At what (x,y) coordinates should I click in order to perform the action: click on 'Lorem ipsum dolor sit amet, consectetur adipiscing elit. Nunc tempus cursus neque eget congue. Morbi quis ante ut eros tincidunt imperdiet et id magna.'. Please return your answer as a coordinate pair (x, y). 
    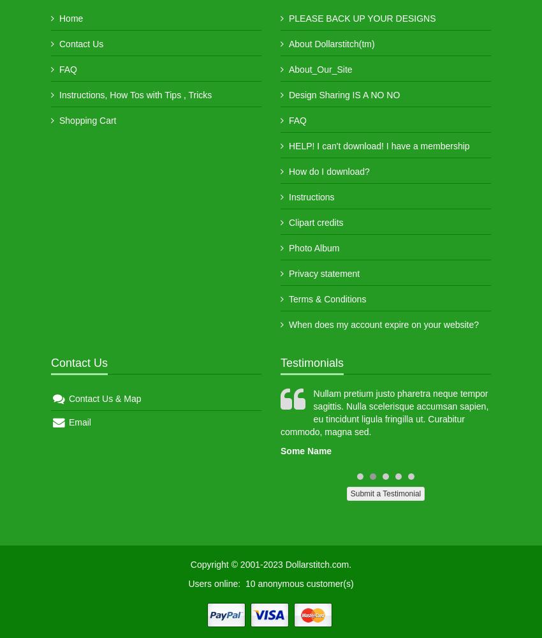
    Looking at the image, I should click on (169, 413).